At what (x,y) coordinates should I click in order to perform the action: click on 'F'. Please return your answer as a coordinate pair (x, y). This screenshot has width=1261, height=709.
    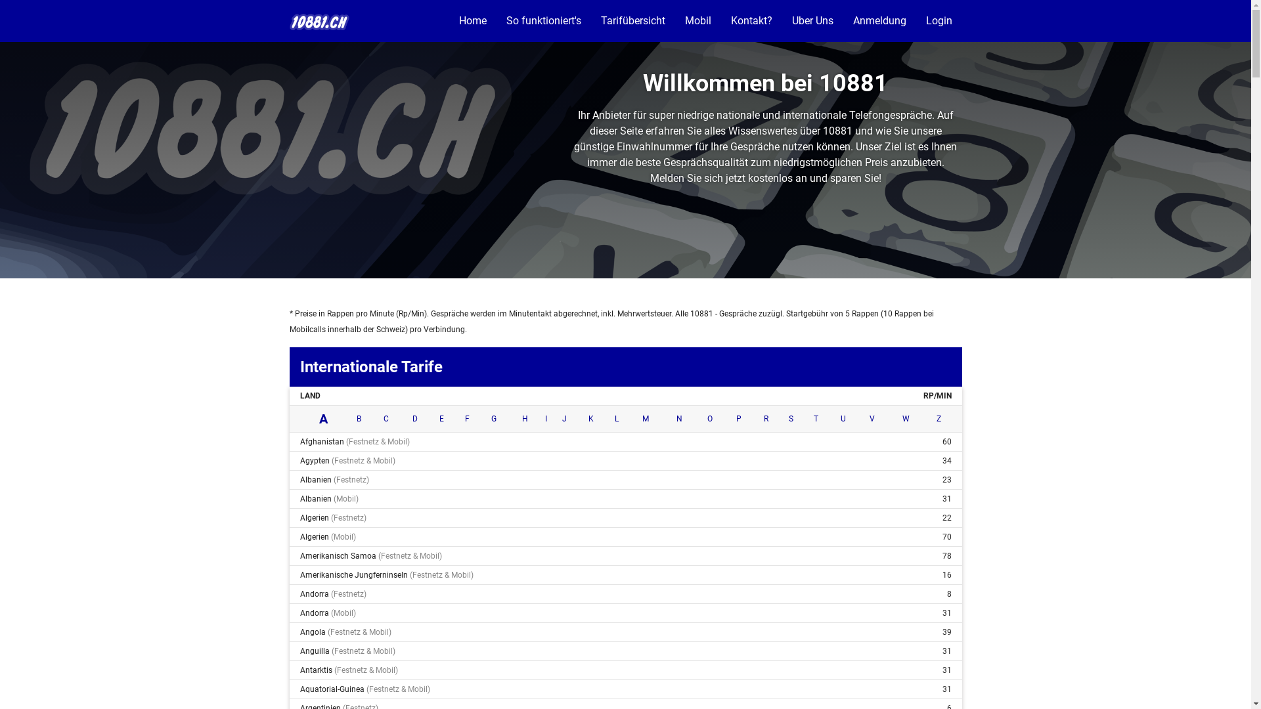
    Looking at the image, I should click on (467, 418).